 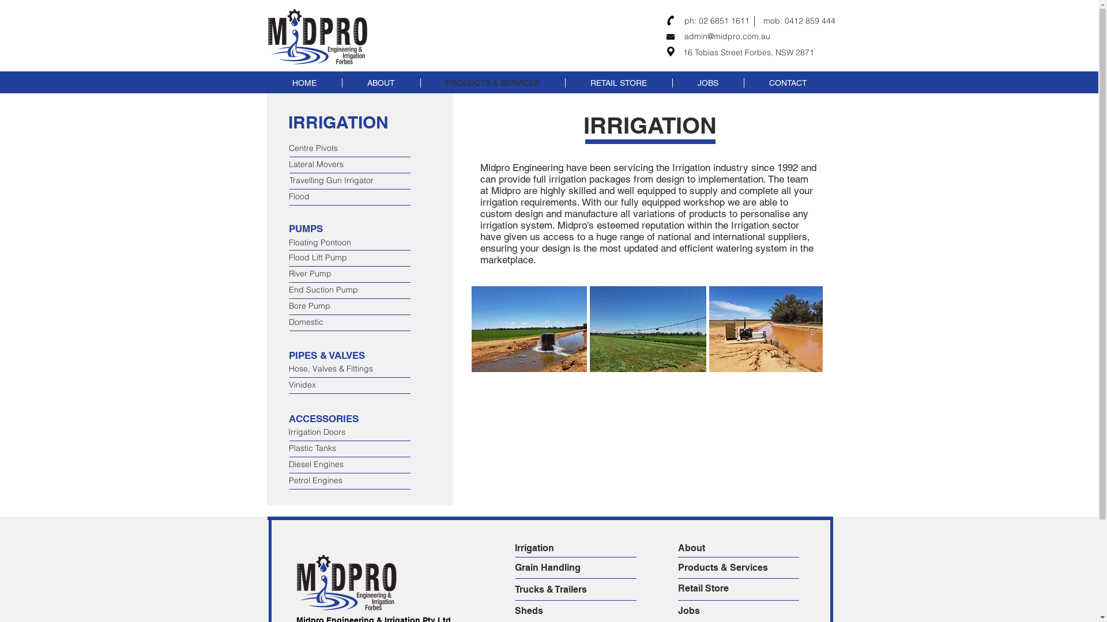 I want to click on 'IRRIGATION', so click(x=337, y=122).